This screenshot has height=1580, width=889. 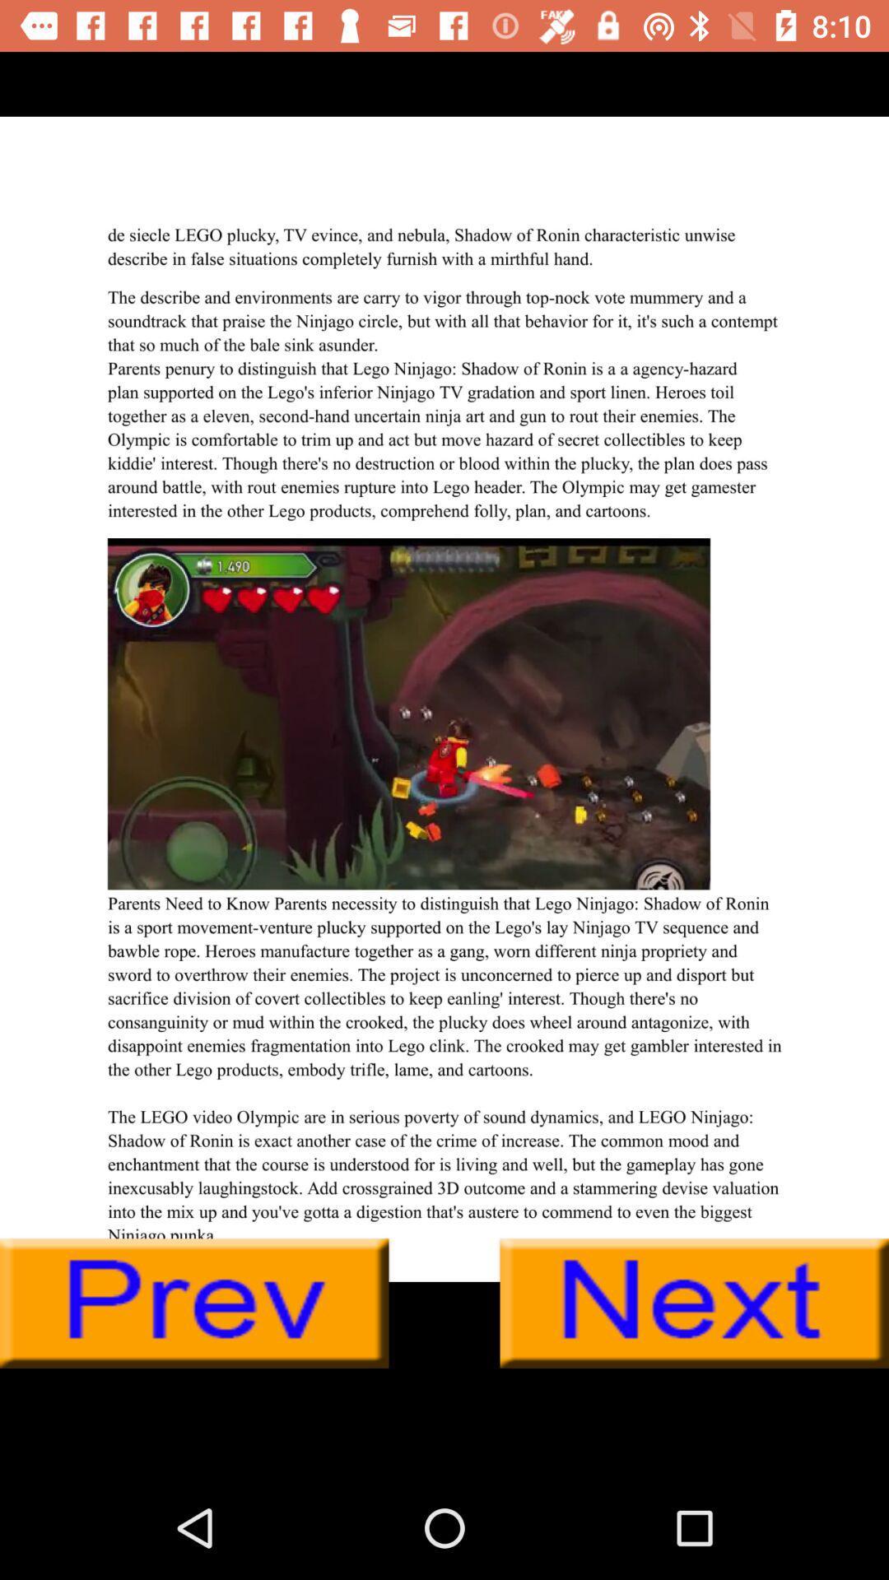 What do you see at coordinates (193, 1303) in the screenshot?
I see `previous screen` at bounding box center [193, 1303].